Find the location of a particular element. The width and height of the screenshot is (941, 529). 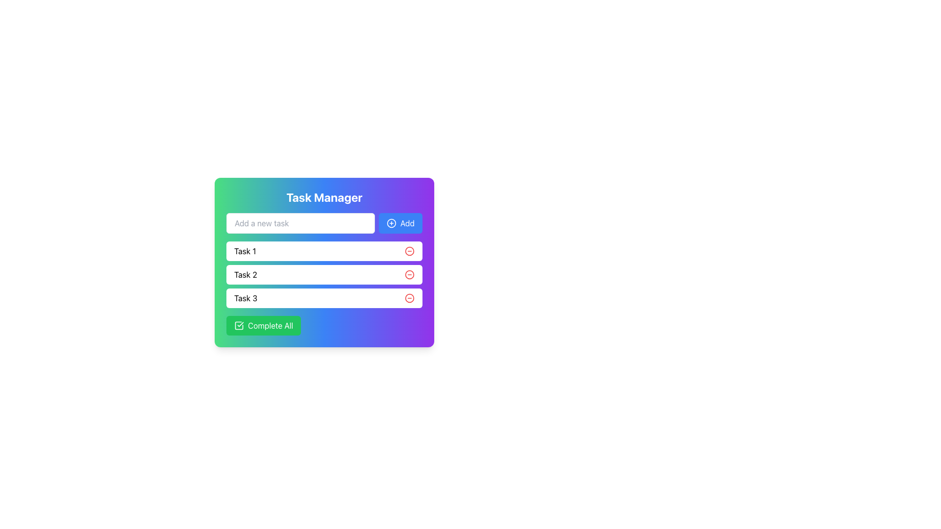

the circular SVG element that represents the outer circle of the minus icon, located to the right of the text 'Task 2' is located at coordinates (409, 274).